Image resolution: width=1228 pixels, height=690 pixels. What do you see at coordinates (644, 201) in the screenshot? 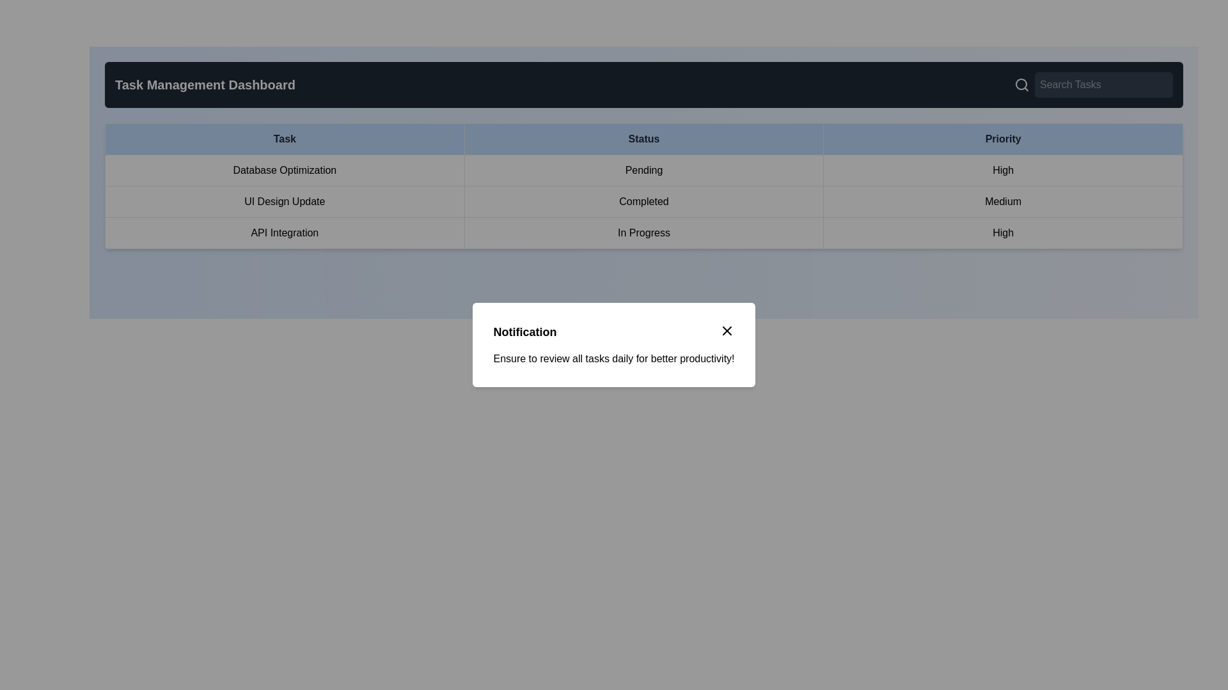
I see `the 'Completed' label in the 'Status' column of the table related to the 'UI Design Update' task` at bounding box center [644, 201].